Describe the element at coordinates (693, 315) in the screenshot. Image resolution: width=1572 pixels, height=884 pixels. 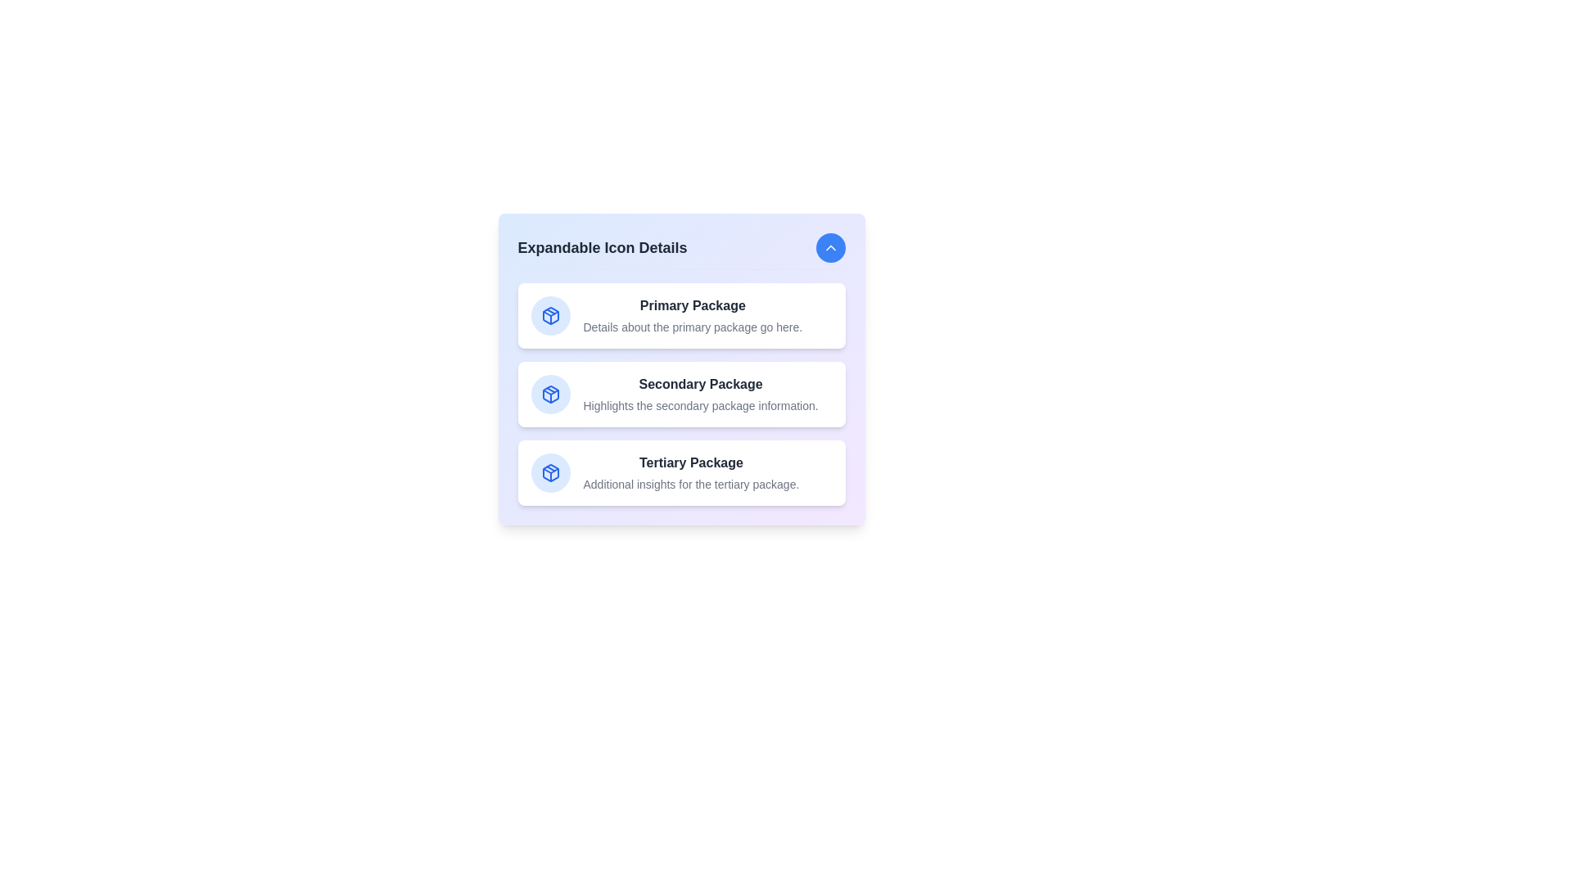
I see `text block that labels and describes the primary package, located centrally in the first row of a vertical list of card-like sections, just below the header 'Expandable Icon Details.'` at that location.